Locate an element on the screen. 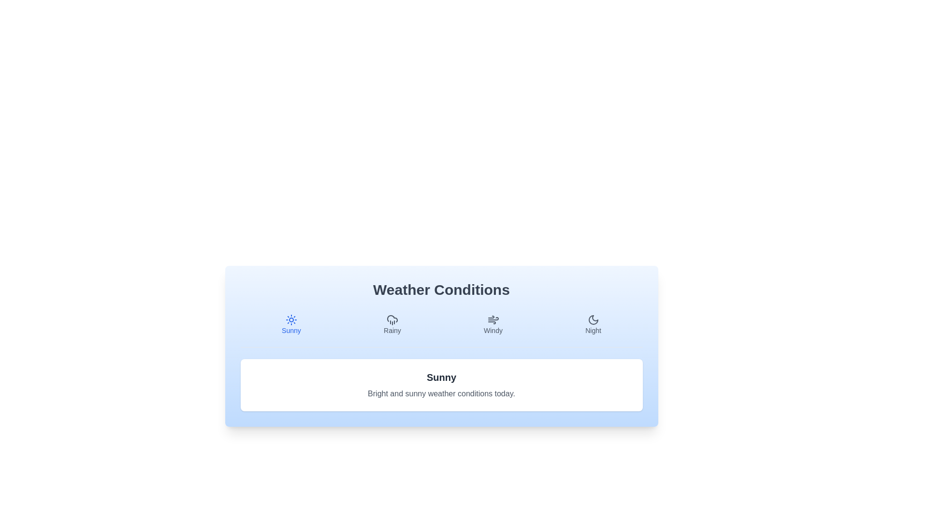 This screenshot has width=928, height=522. the tab corresponding to Sunny to view its details is located at coordinates (290, 324).